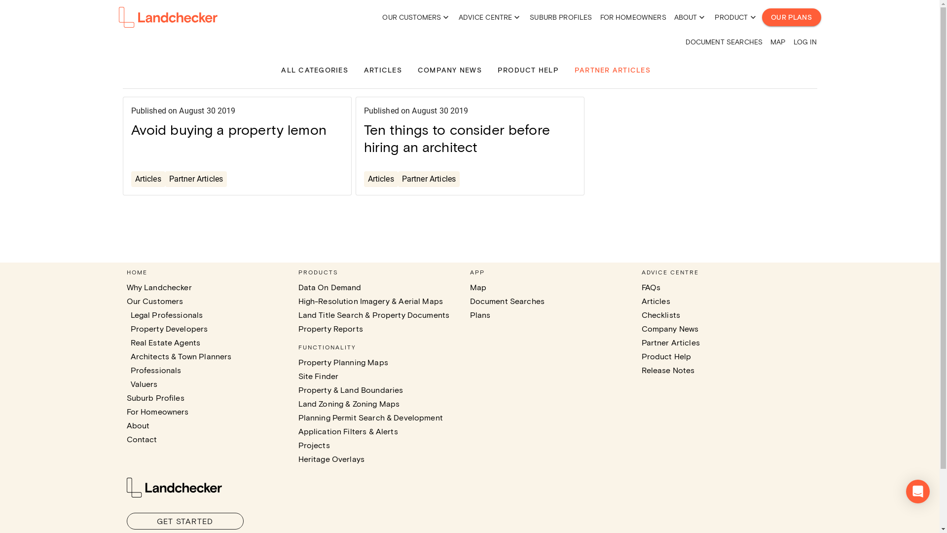 The width and height of the screenshot is (947, 533). I want to click on 'Projects', so click(313, 445).